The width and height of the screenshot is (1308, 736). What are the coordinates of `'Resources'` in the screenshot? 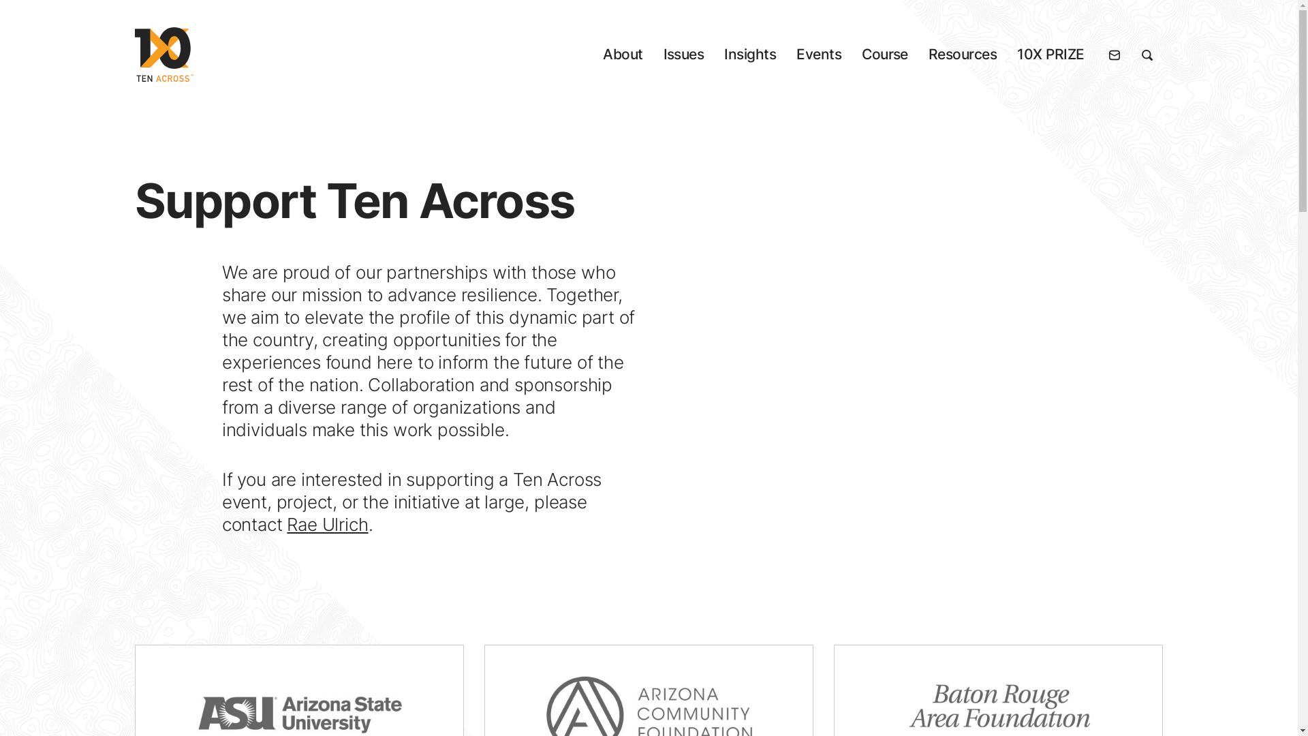 It's located at (928, 54).